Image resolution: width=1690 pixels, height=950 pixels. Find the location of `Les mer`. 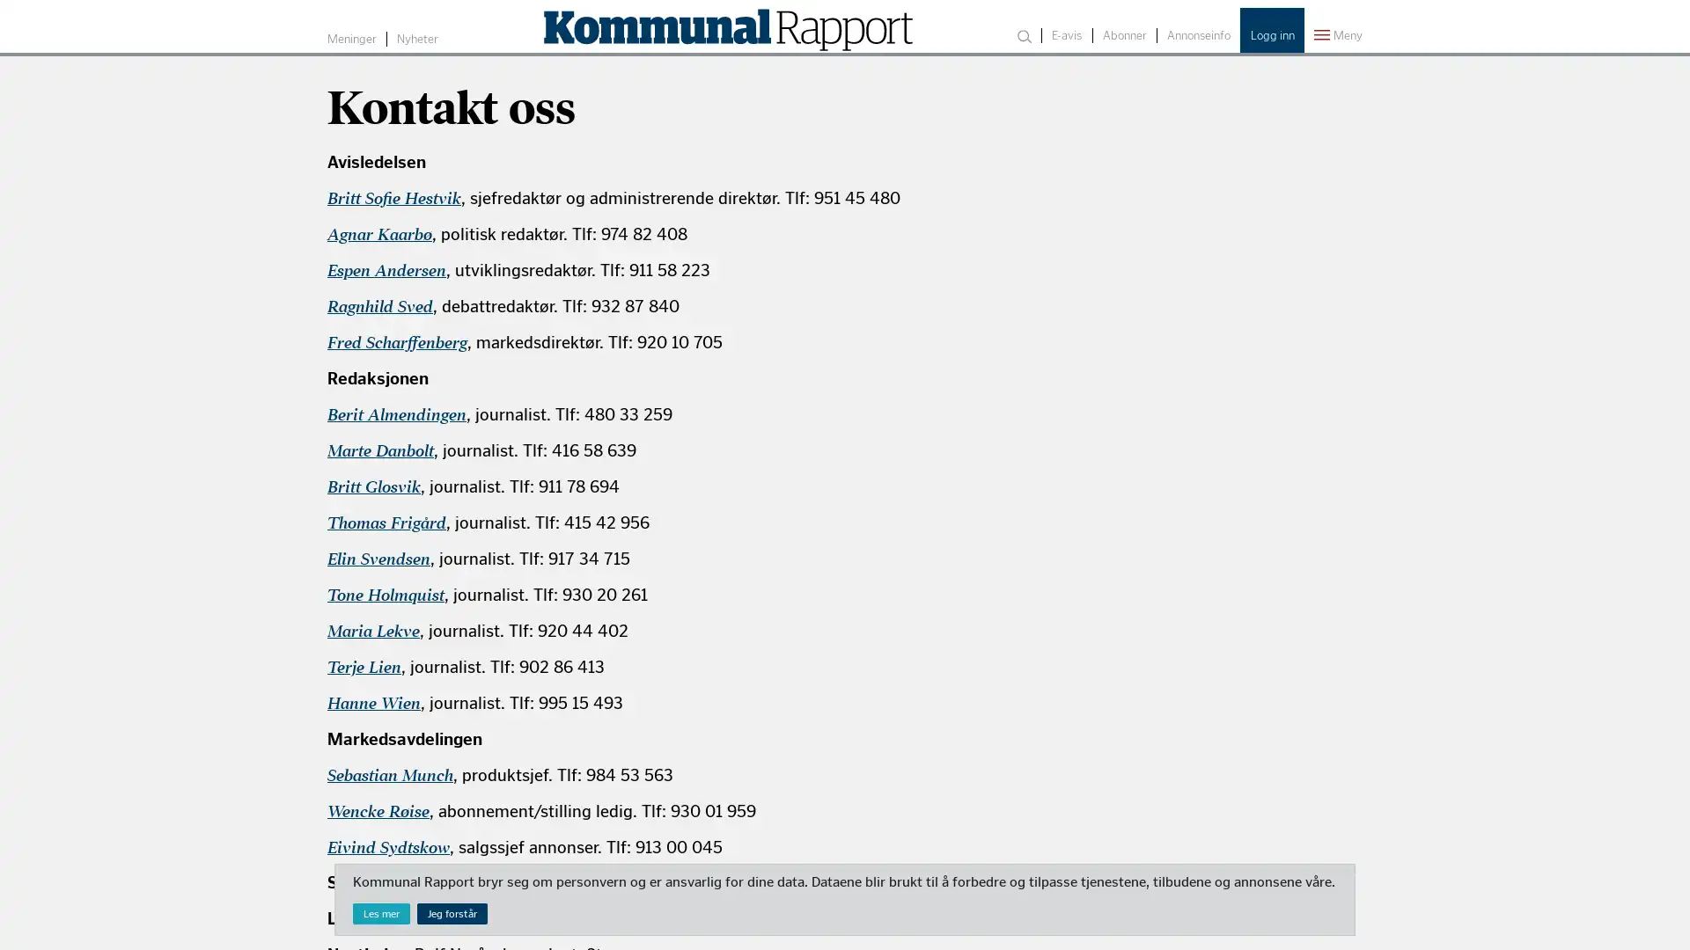

Les mer is located at coordinates (380, 912).